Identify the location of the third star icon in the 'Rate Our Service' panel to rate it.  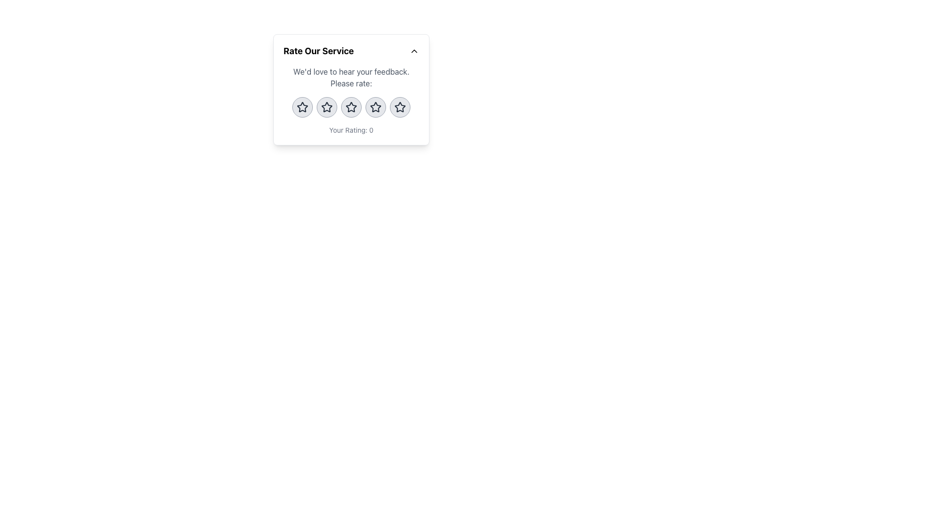
(375, 107).